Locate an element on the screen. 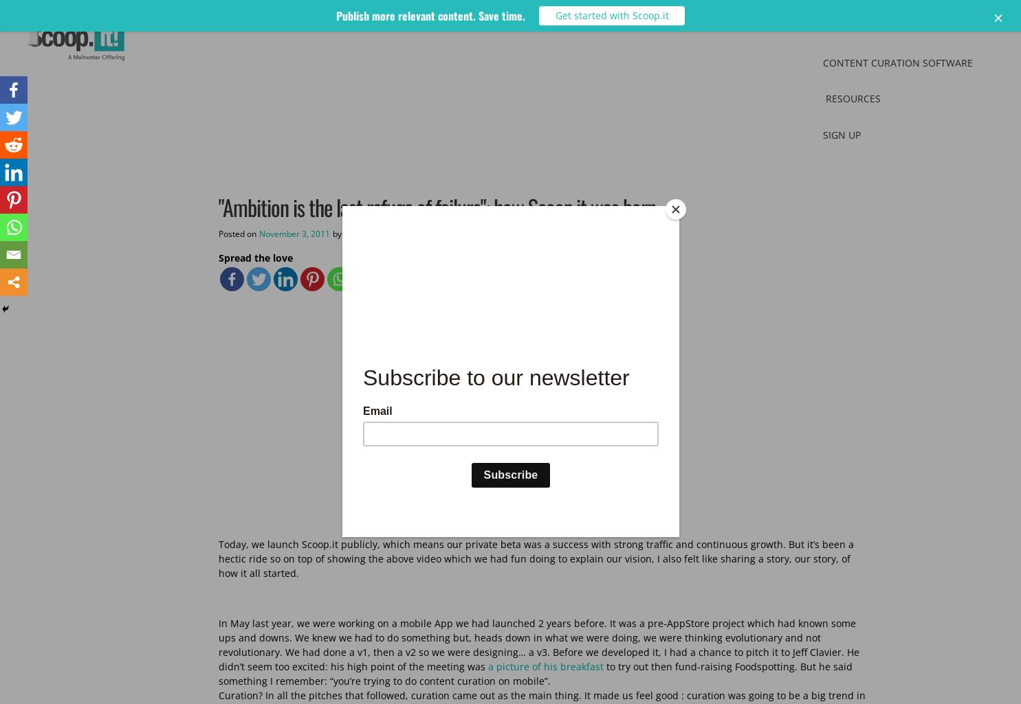 The width and height of the screenshot is (1021, 704). 'Content Curation Software' is located at coordinates (898, 62).